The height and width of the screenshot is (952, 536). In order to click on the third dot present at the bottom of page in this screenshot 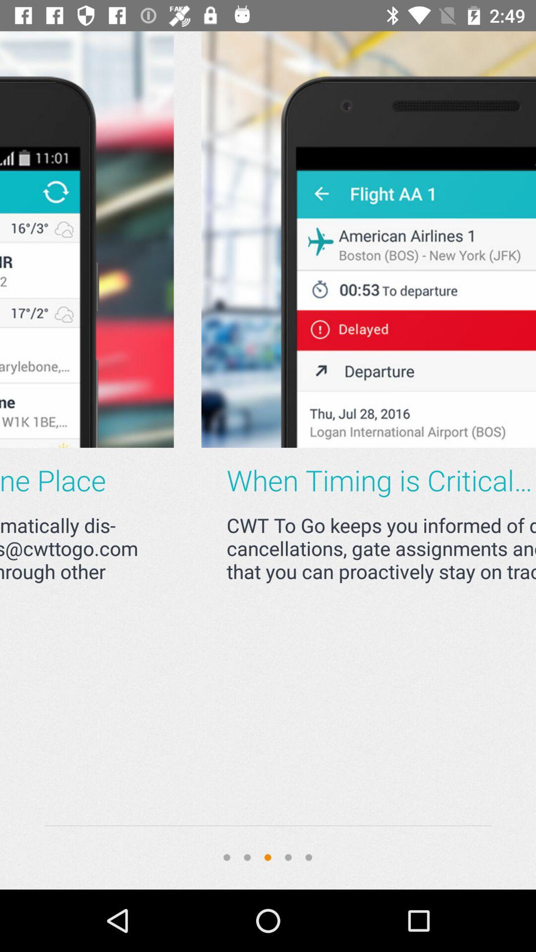, I will do `click(268, 856)`.